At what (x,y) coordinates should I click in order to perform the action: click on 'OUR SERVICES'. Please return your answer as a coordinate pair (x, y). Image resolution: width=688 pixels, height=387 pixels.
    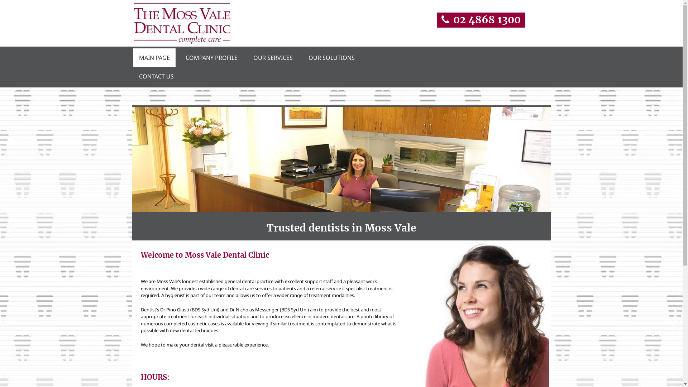
    Looking at the image, I should click on (272, 57).